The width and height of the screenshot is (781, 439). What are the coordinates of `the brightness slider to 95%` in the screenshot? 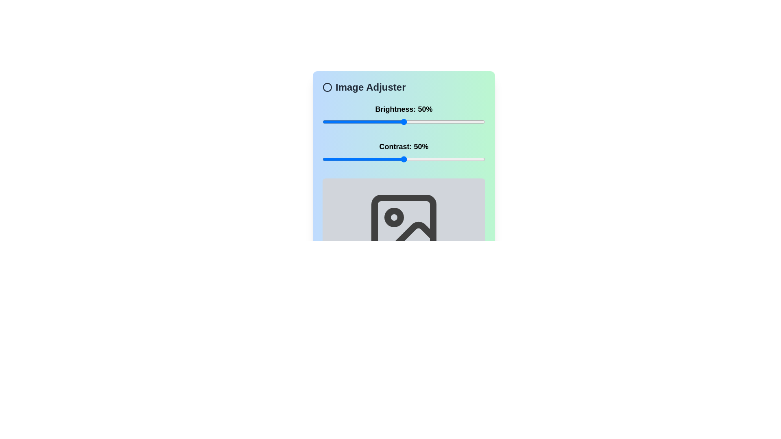 It's located at (477, 122).